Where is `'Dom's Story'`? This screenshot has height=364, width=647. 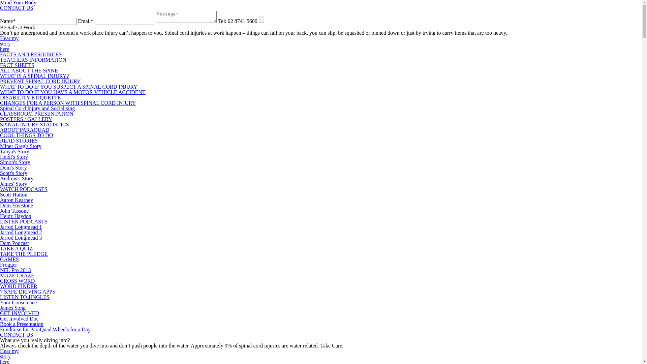 'Dom's Story' is located at coordinates (13, 167).